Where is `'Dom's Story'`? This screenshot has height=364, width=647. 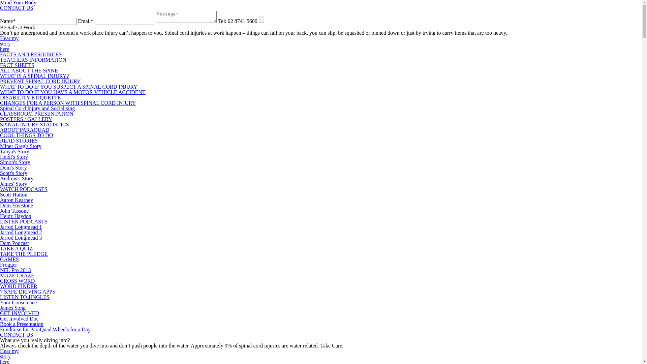 'Dom's Story' is located at coordinates (13, 167).